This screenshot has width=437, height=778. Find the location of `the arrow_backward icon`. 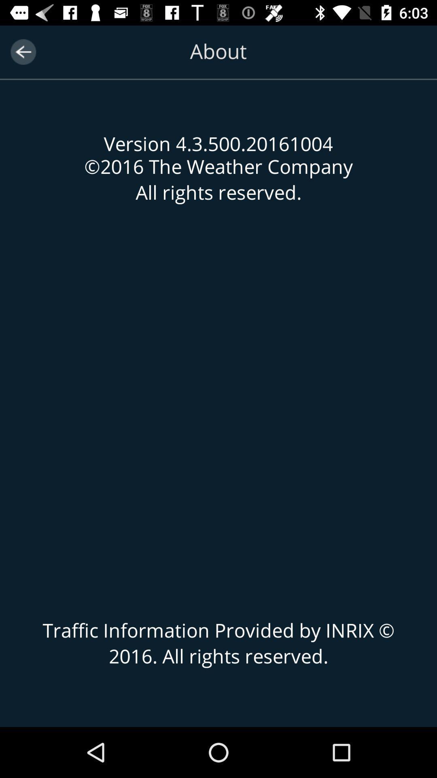

the arrow_backward icon is located at coordinates (23, 51).